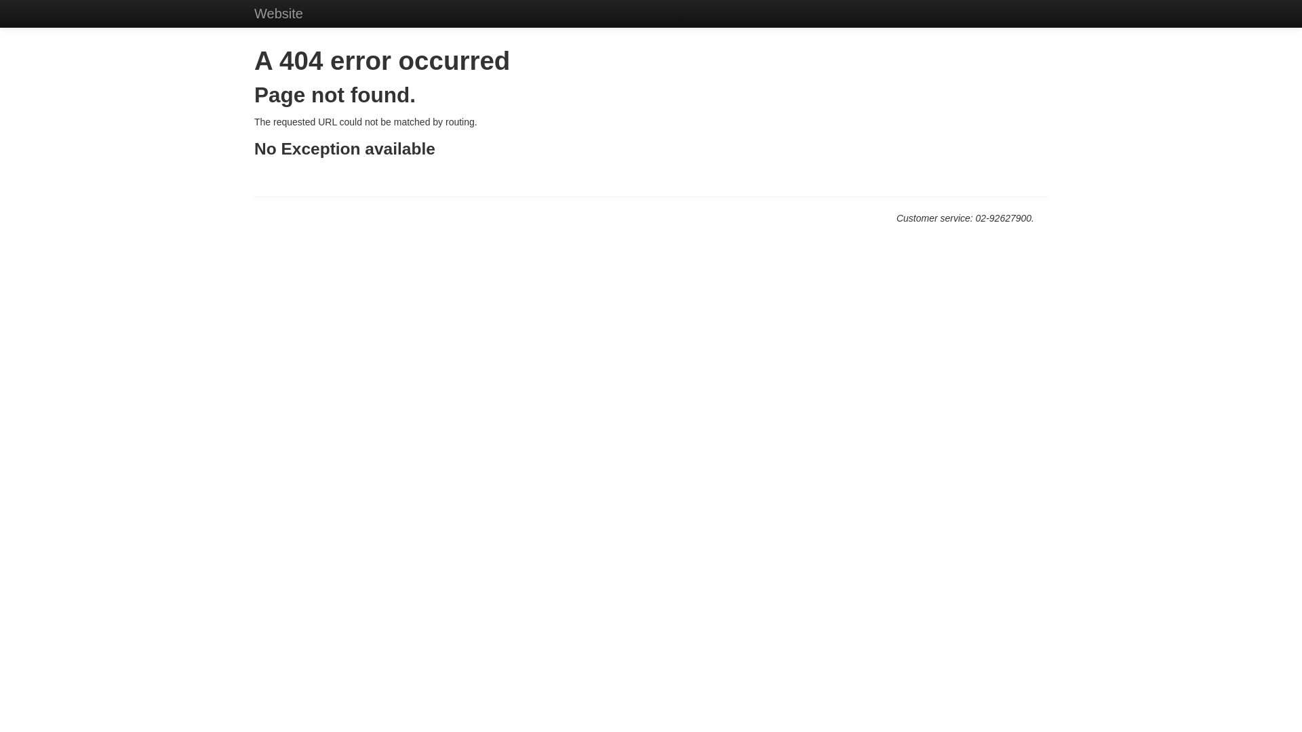  What do you see at coordinates (278, 13) in the screenshot?
I see `'Website'` at bounding box center [278, 13].